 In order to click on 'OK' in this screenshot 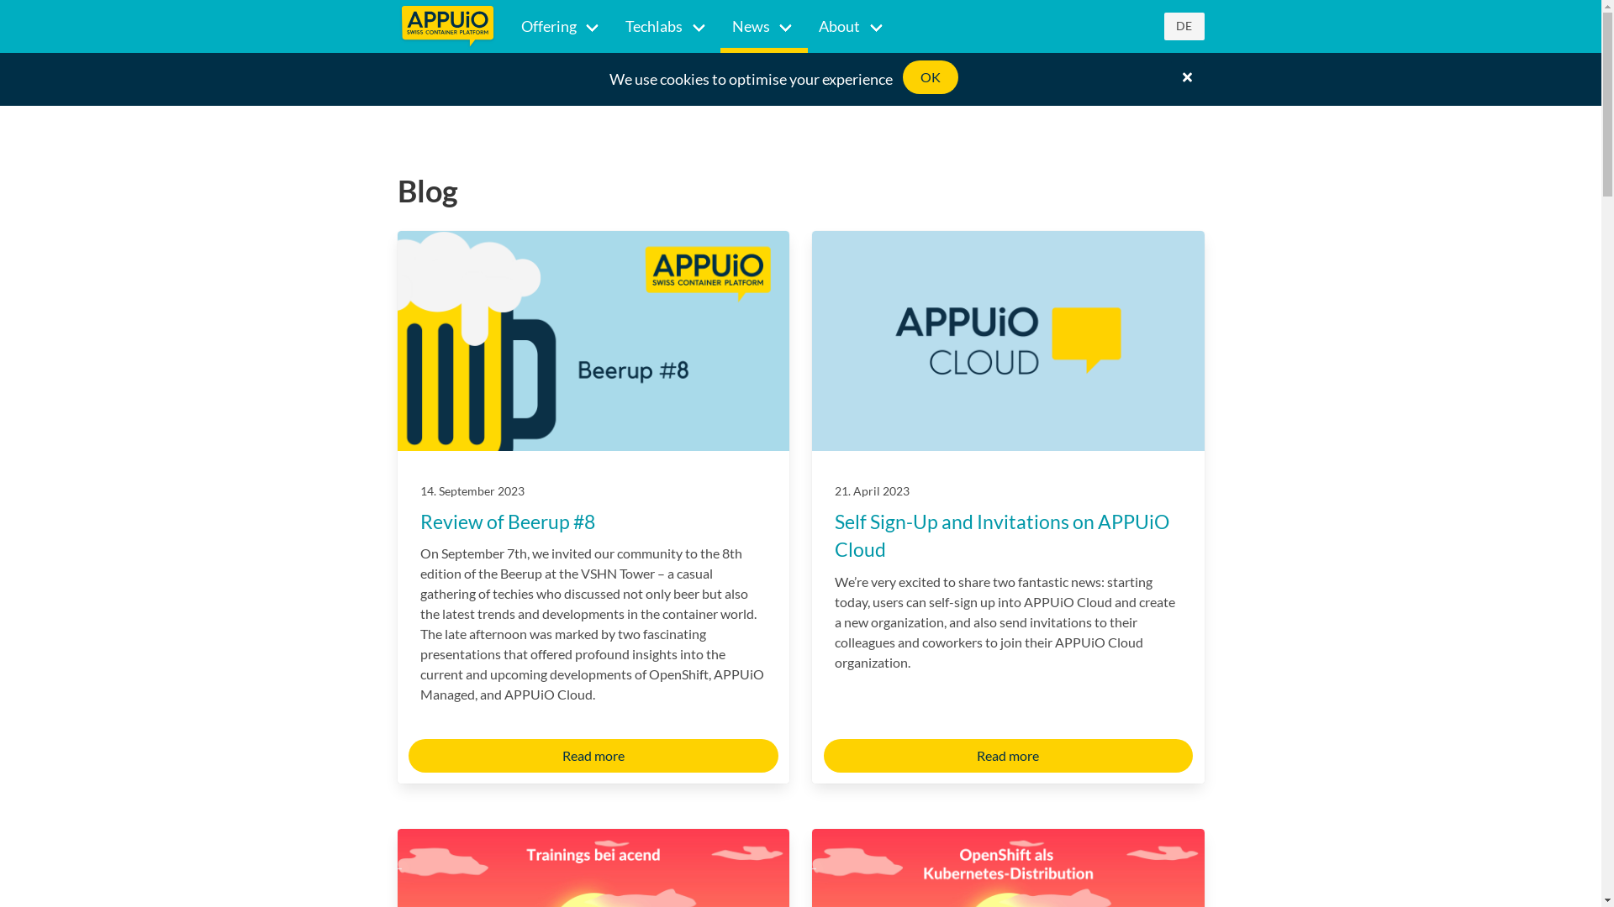, I will do `click(930, 77)`.